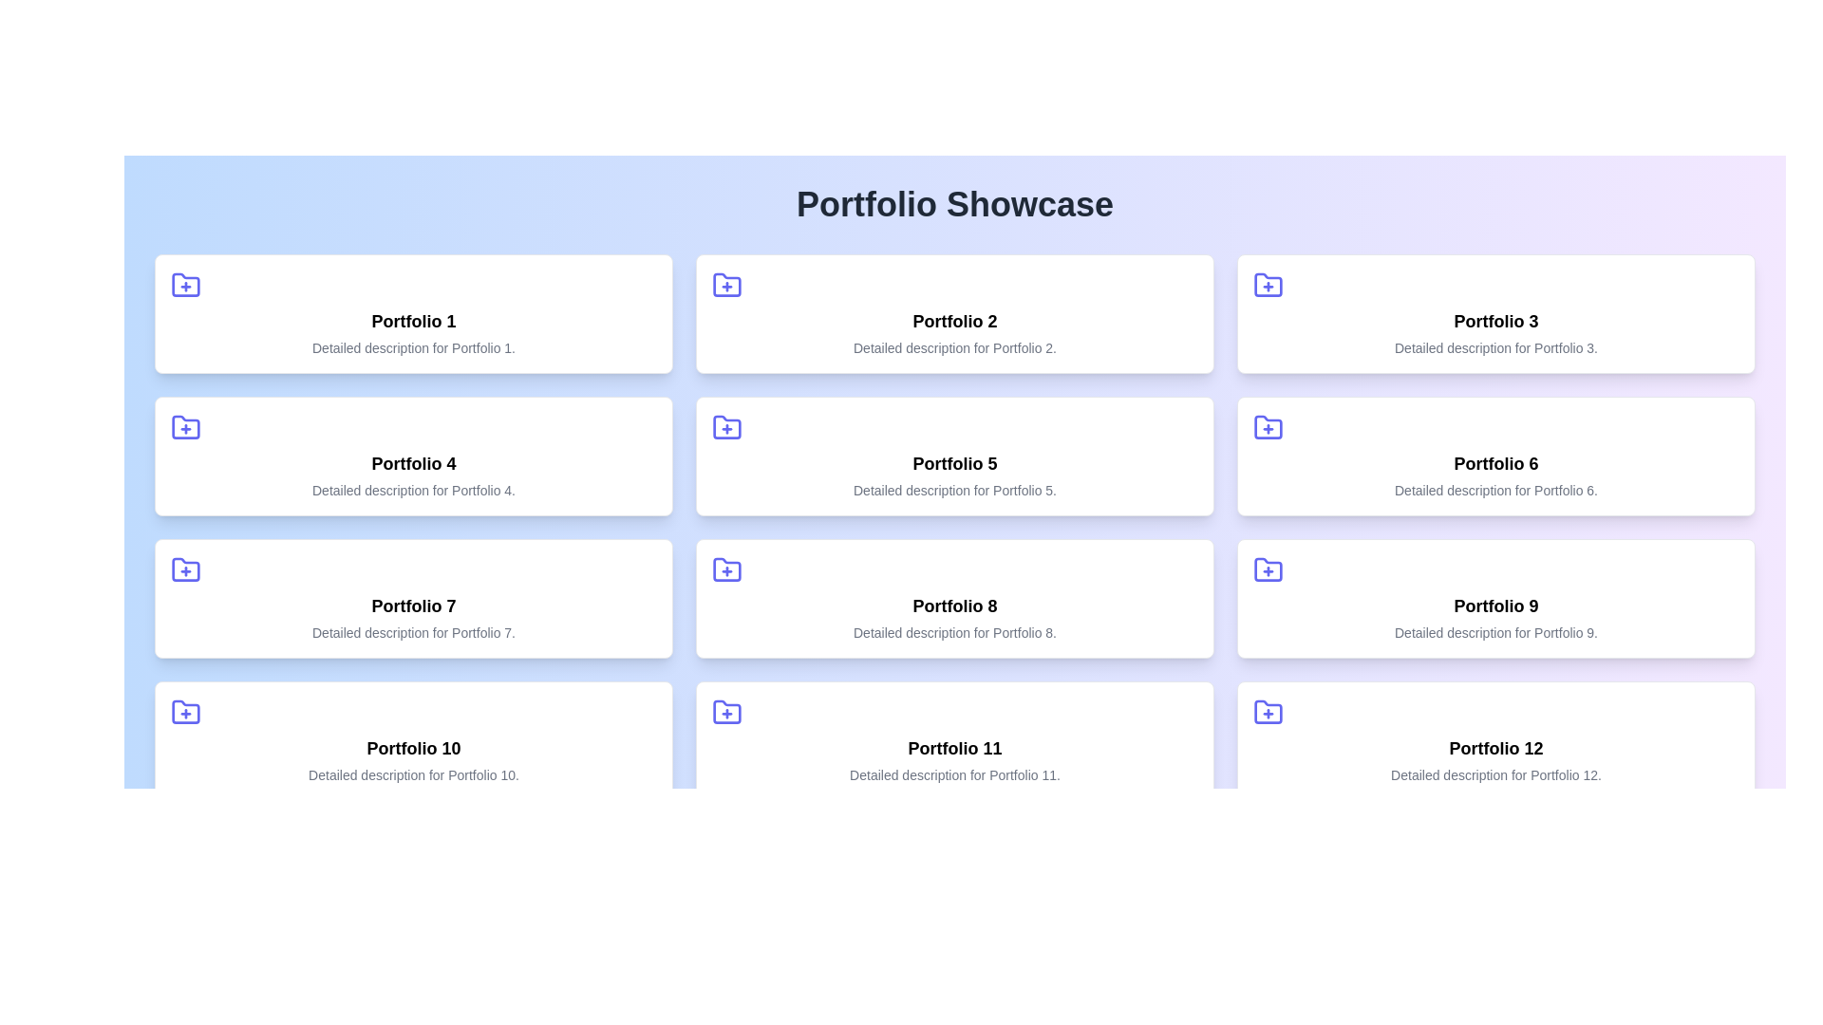 This screenshot has width=1823, height=1025. Describe the element at coordinates (1494, 457) in the screenshot. I see `the card component labeled 'Portfolio 6', which features a blue folder icon and bold black text at its center, to perform additional actions` at that location.